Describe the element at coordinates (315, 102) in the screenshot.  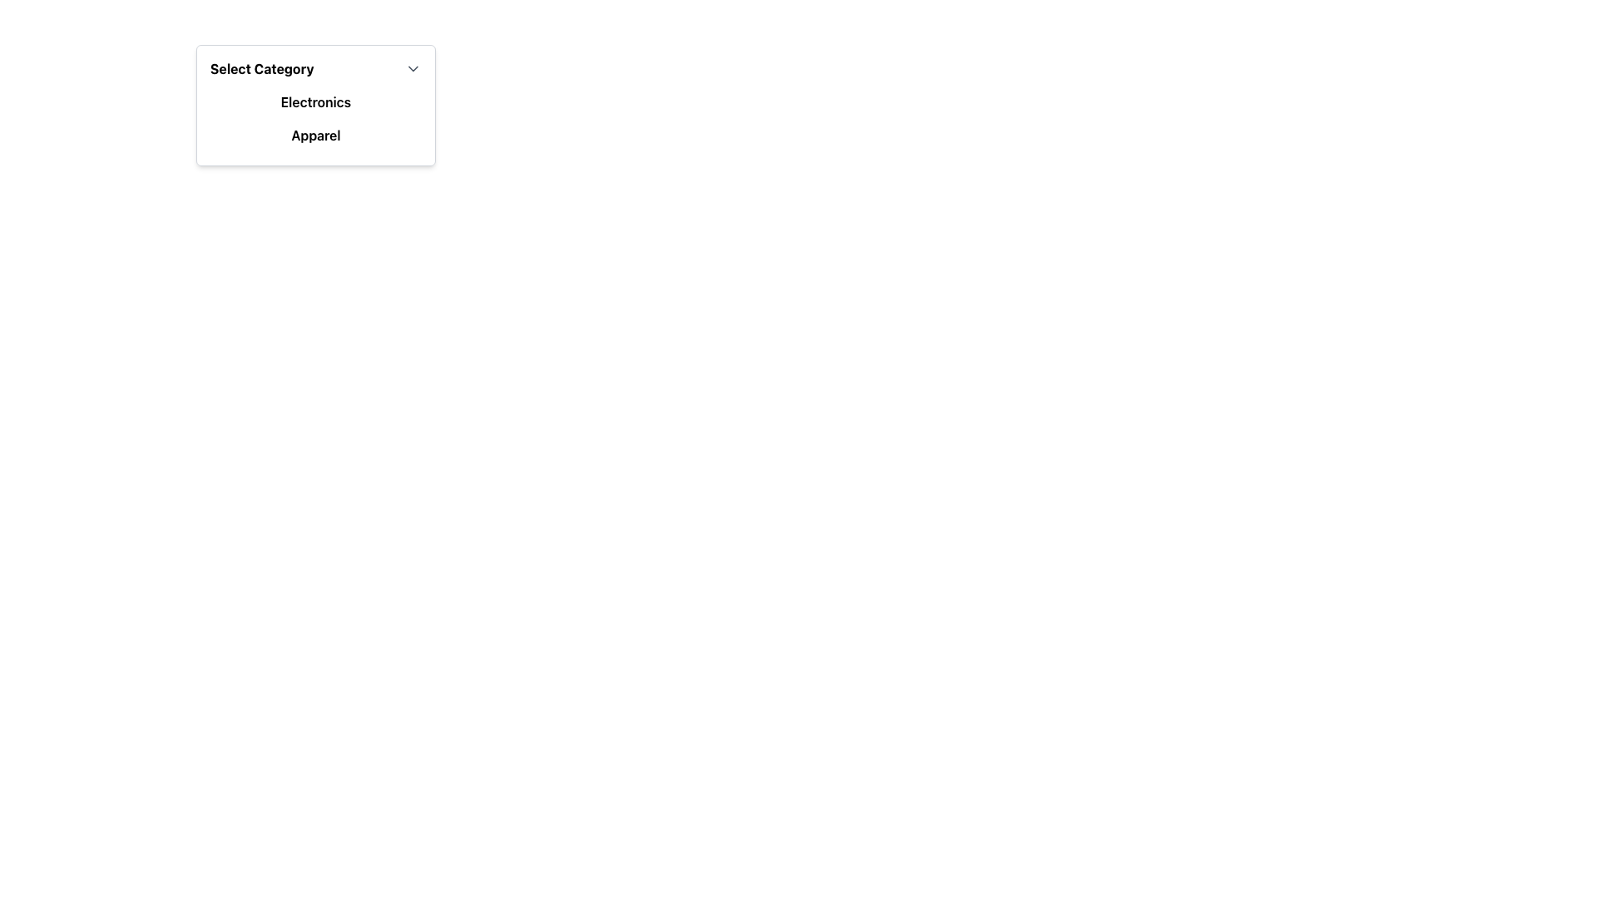
I see `the 'Electronics' text label option in the dropdown menu` at that location.